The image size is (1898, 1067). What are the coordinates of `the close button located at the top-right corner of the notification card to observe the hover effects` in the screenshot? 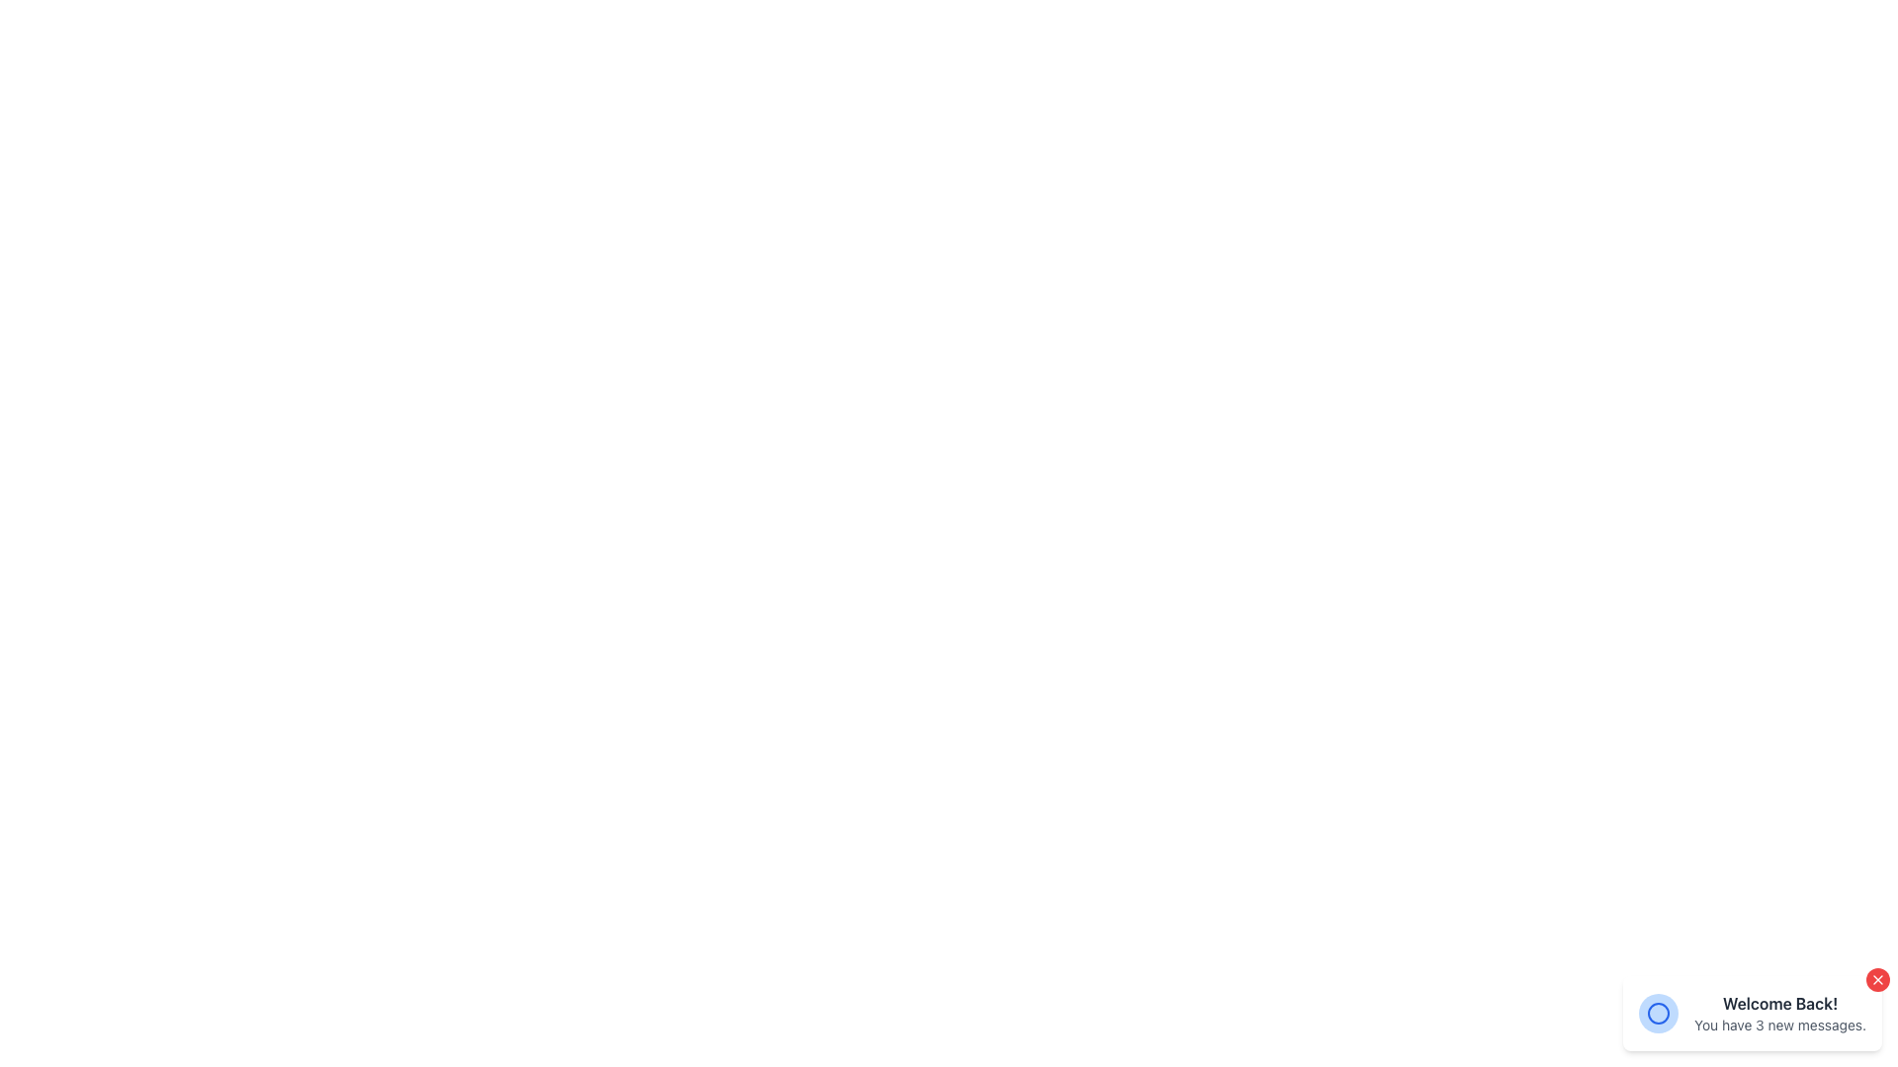 It's located at (1877, 979).